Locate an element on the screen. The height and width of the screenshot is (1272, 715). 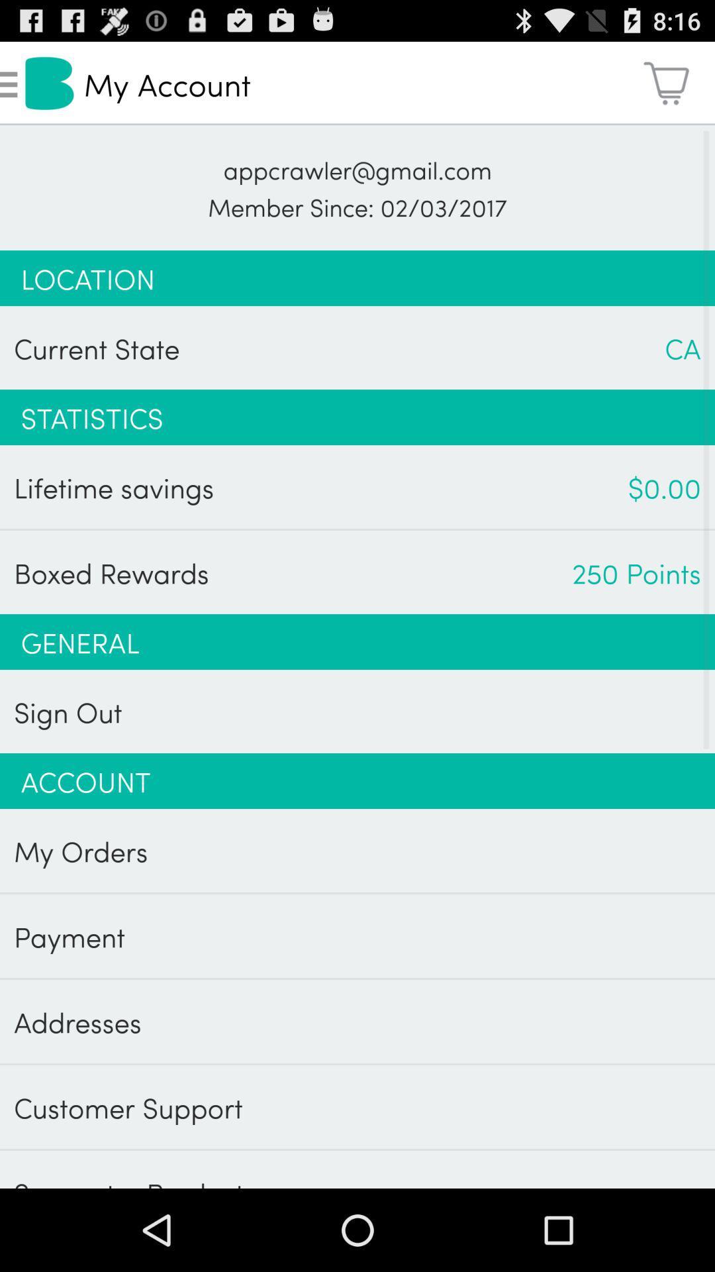
the app below the boxed rewards is located at coordinates (358, 642).